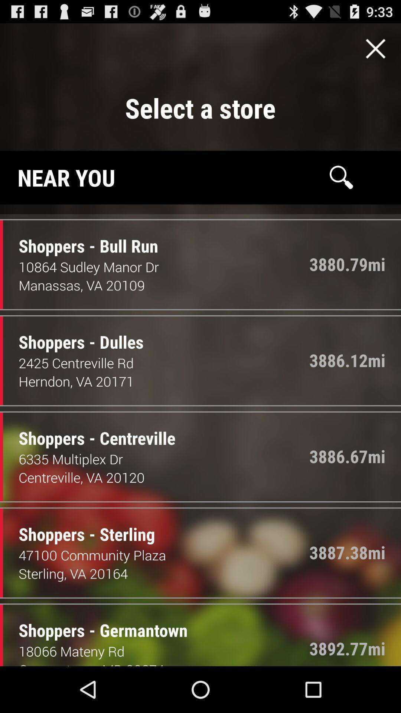 Image resolution: width=401 pixels, height=713 pixels. What do you see at coordinates (341, 177) in the screenshot?
I see `search` at bounding box center [341, 177].